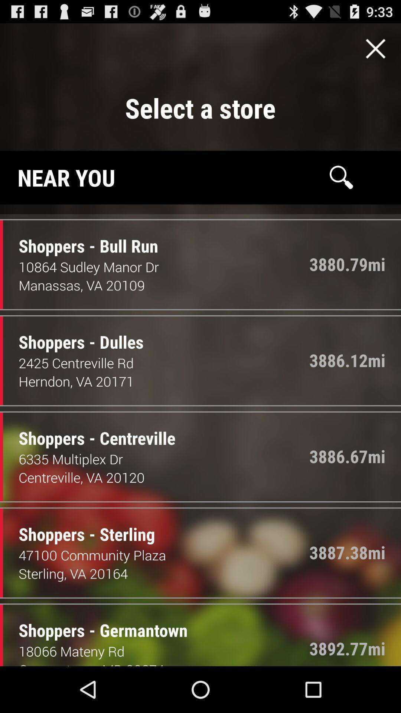 Image resolution: width=401 pixels, height=713 pixels. What do you see at coordinates (341, 177) in the screenshot?
I see `search` at bounding box center [341, 177].